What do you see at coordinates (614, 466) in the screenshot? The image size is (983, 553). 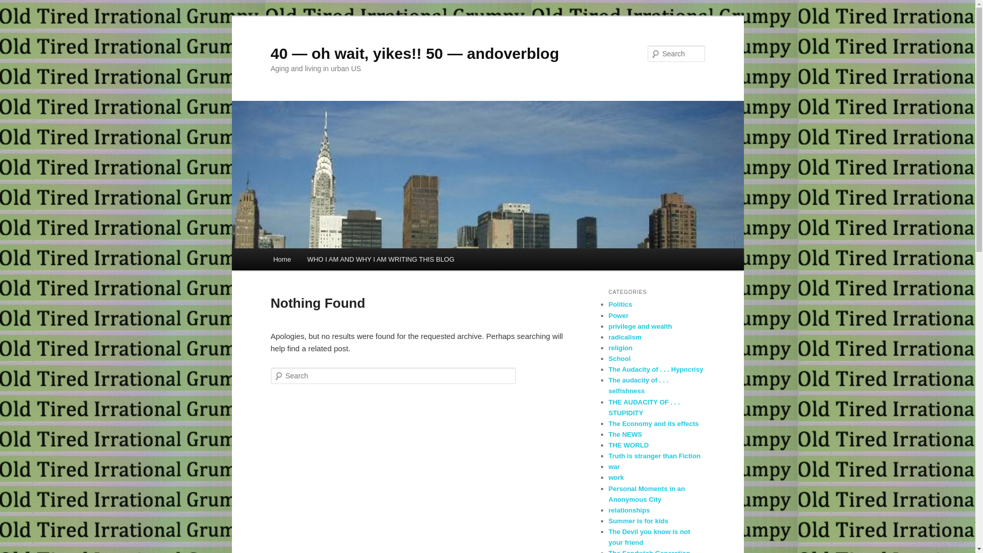 I see `'war'` at bounding box center [614, 466].